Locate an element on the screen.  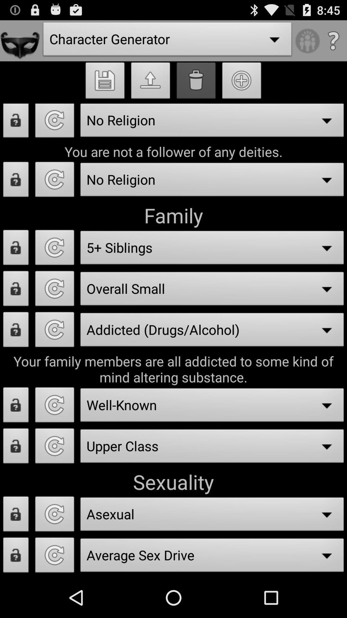
the home icon is located at coordinates (151, 88).